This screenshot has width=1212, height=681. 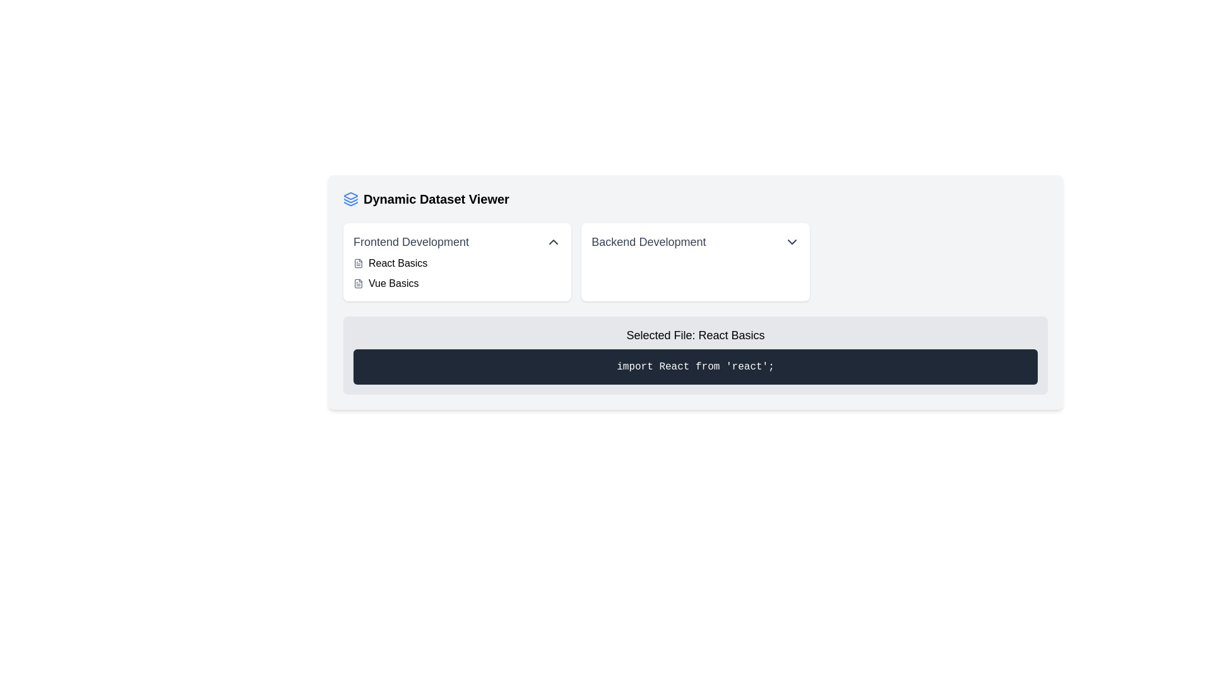 I want to click on the Dropdown header located on the left panel near the top, above 'React Basics' and 'Vue Basics', so click(x=456, y=242).